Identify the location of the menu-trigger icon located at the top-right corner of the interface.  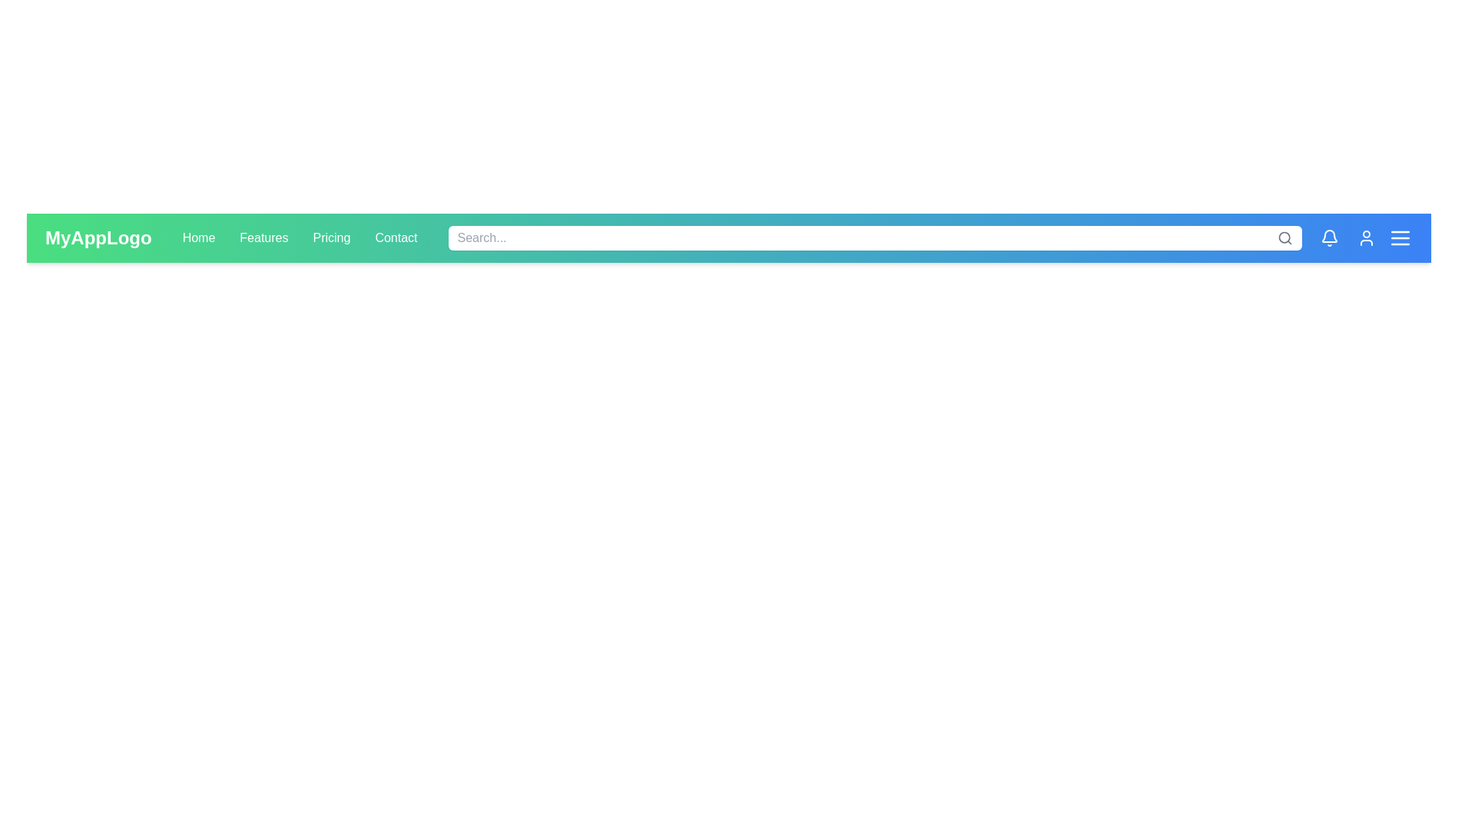
(1400, 237).